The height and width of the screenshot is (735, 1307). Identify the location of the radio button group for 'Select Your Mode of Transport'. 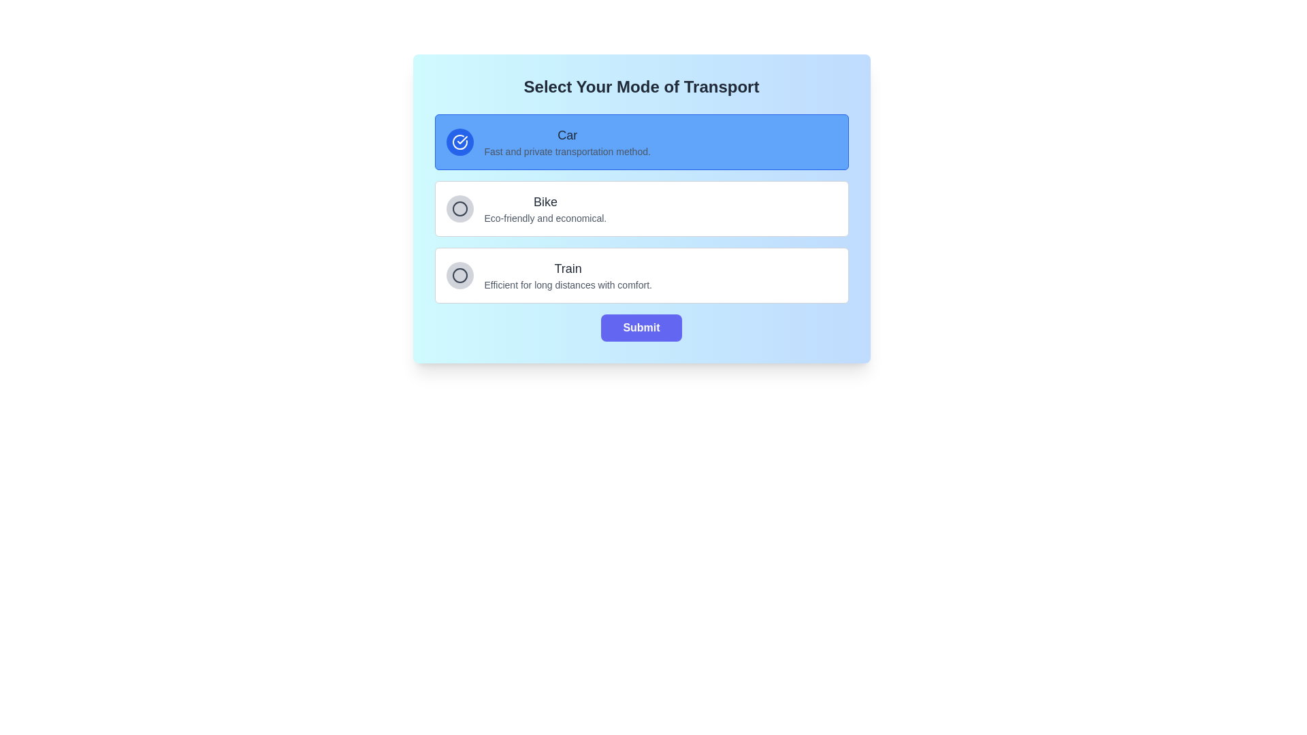
(641, 209).